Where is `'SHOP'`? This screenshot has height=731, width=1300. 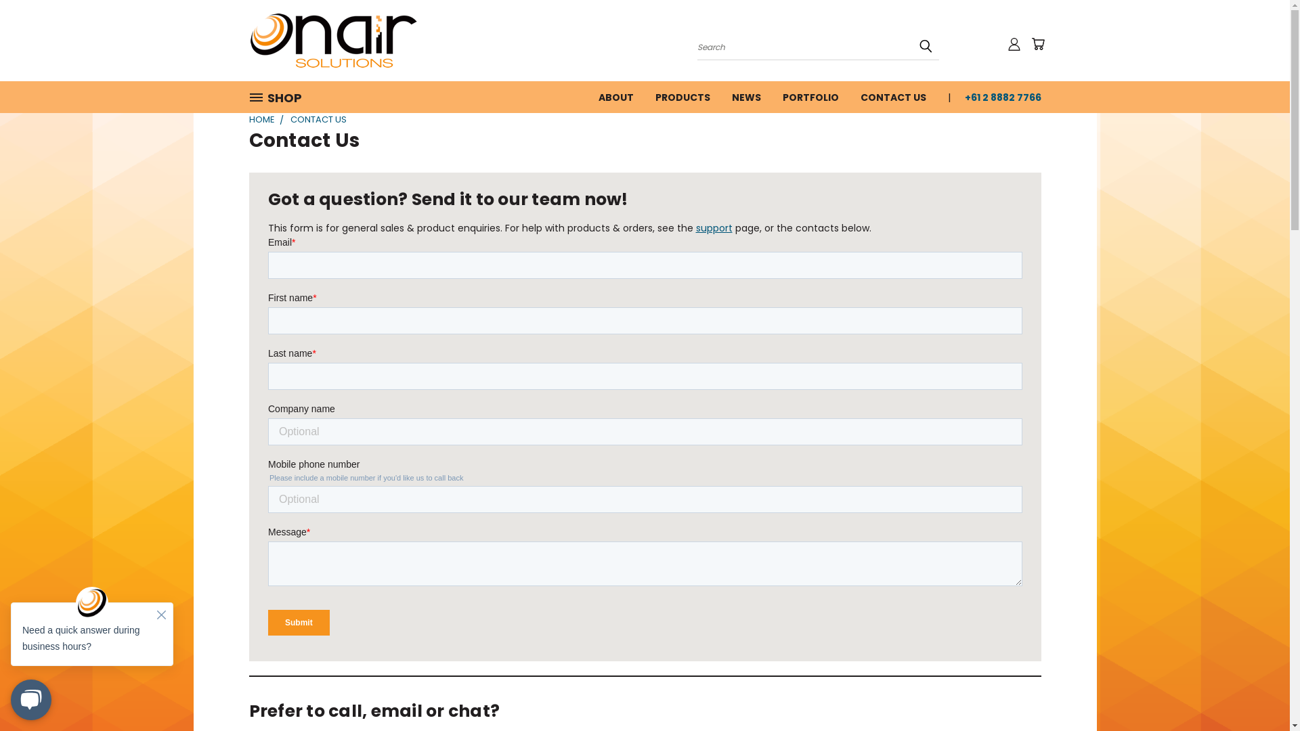
'SHOP' is located at coordinates (249, 97).